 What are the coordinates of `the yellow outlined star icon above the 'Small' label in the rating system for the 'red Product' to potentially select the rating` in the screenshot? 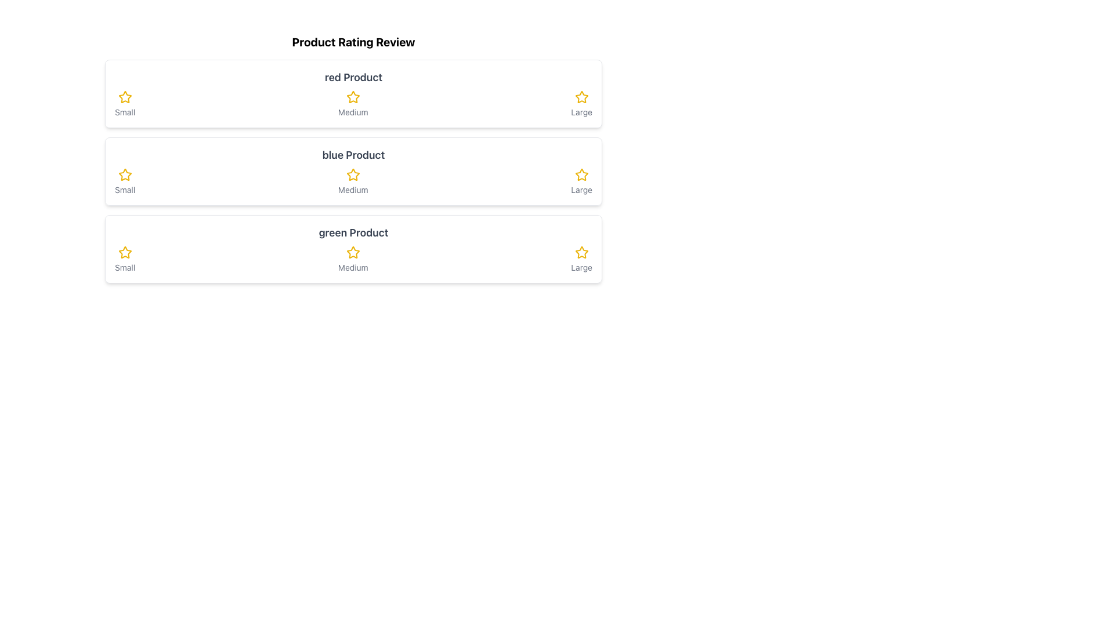 It's located at (125, 97).